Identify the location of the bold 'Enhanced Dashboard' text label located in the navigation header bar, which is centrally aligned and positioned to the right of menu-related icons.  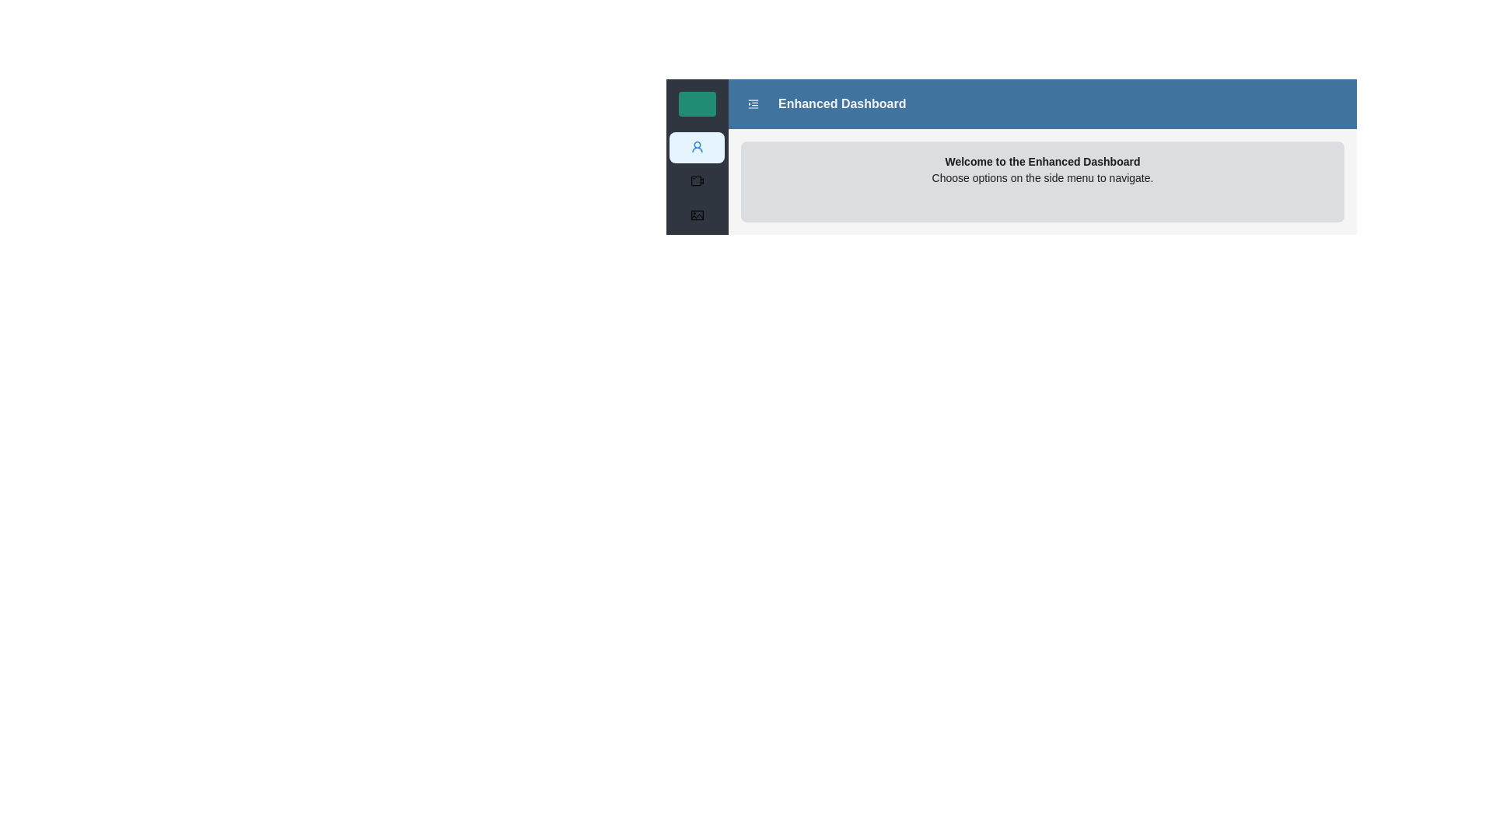
(841, 104).